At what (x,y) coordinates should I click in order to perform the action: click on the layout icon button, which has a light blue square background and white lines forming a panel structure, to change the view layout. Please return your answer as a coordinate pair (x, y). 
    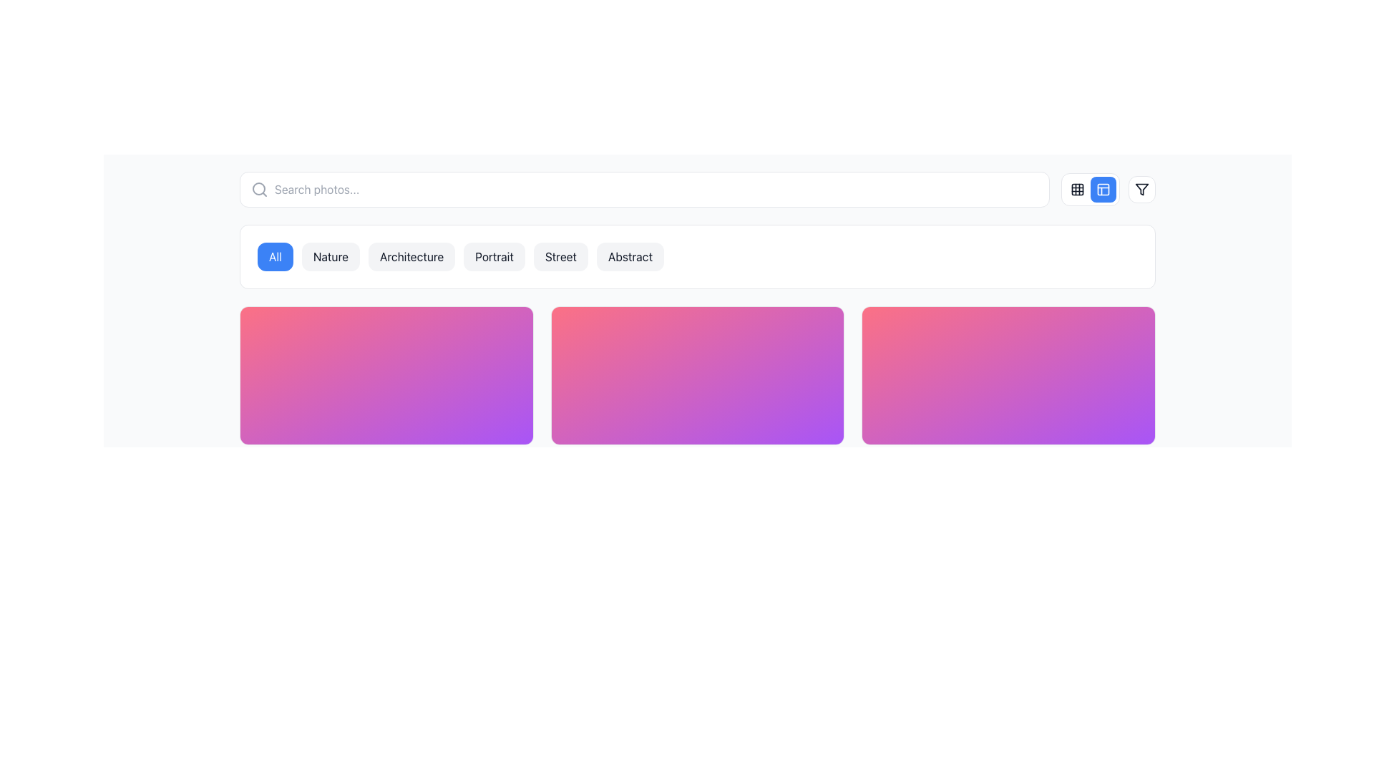
    Looking at the image, I should click on (1102, 189).